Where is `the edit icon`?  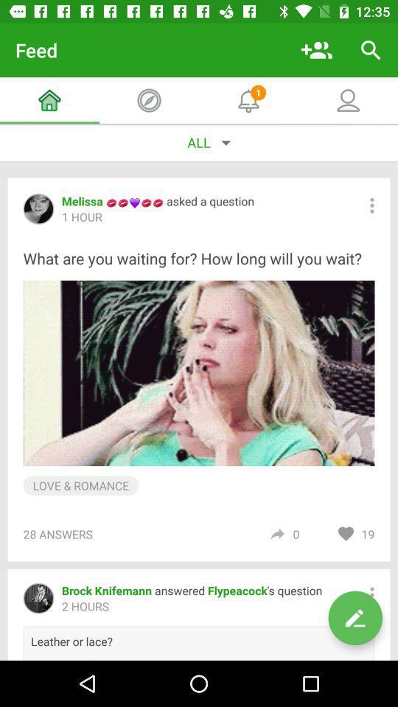
the edit icon is located at coordinates (355, 618).